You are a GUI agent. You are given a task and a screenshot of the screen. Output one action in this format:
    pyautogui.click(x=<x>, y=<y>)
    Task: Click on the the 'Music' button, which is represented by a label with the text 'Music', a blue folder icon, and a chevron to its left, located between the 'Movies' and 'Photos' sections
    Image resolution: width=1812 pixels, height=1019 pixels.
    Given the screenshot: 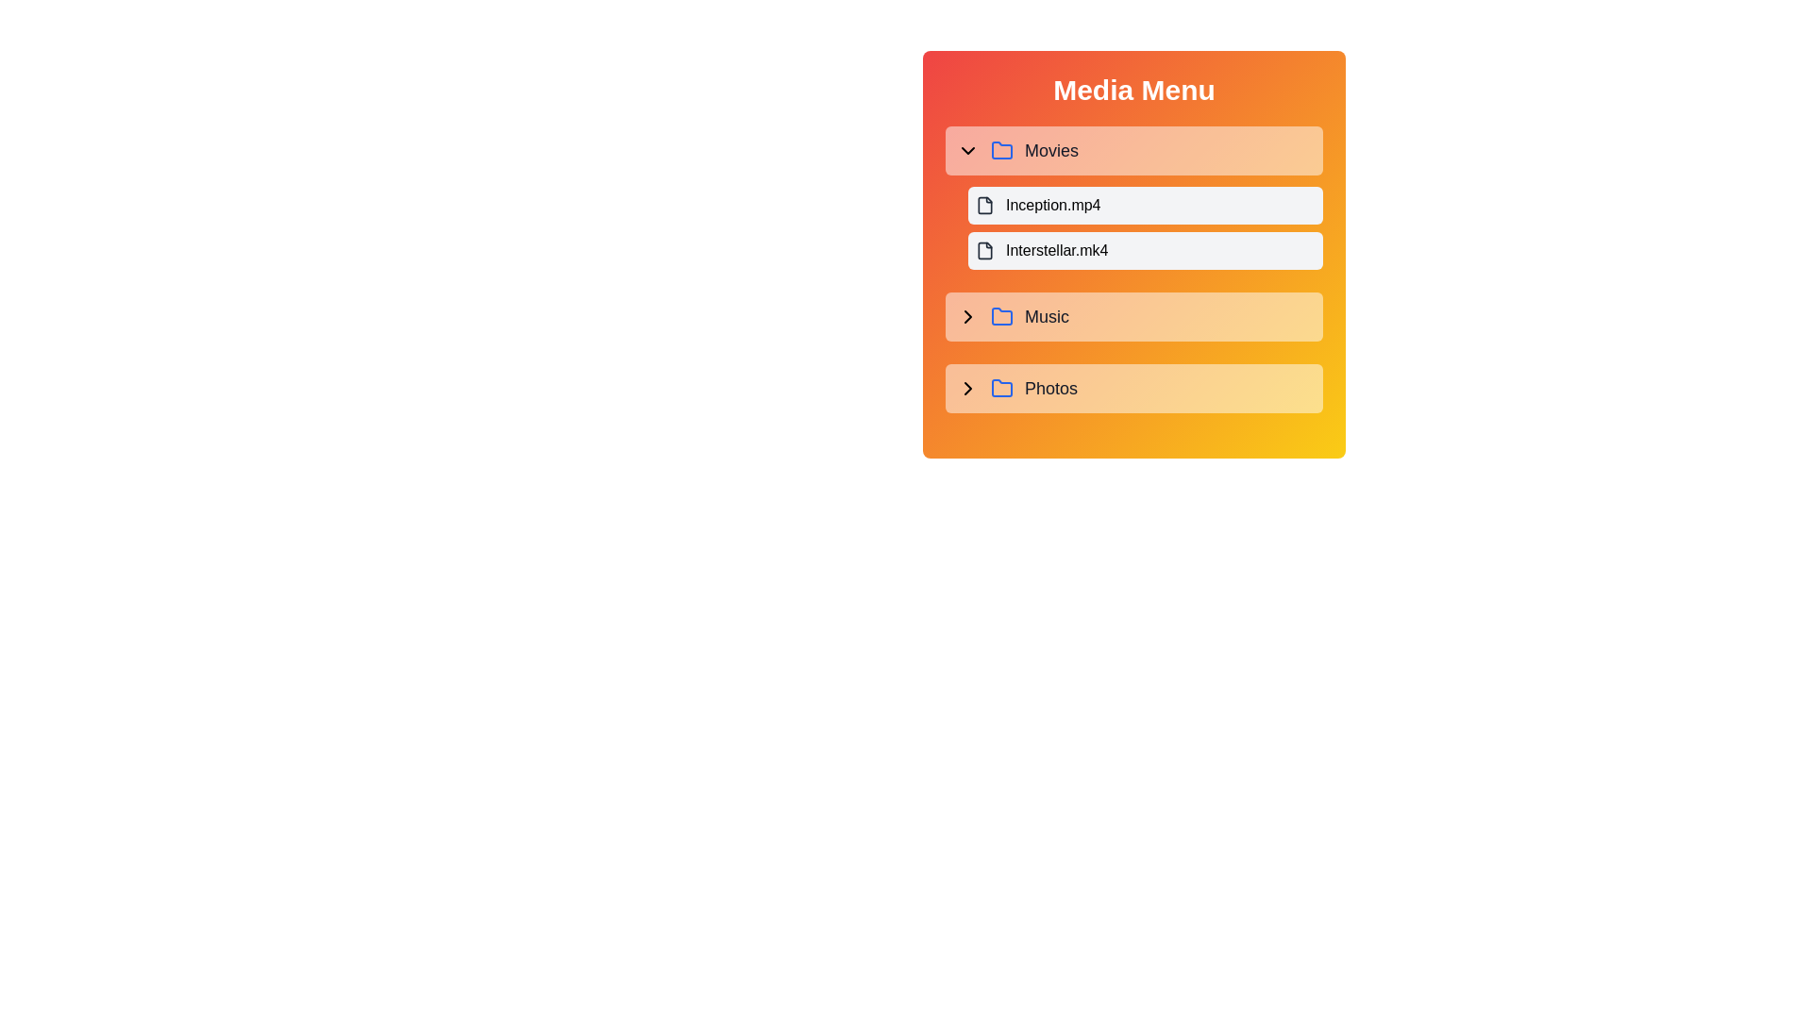 What is the action you would take?
    pyautogui.click(x=1012, y=315)
    